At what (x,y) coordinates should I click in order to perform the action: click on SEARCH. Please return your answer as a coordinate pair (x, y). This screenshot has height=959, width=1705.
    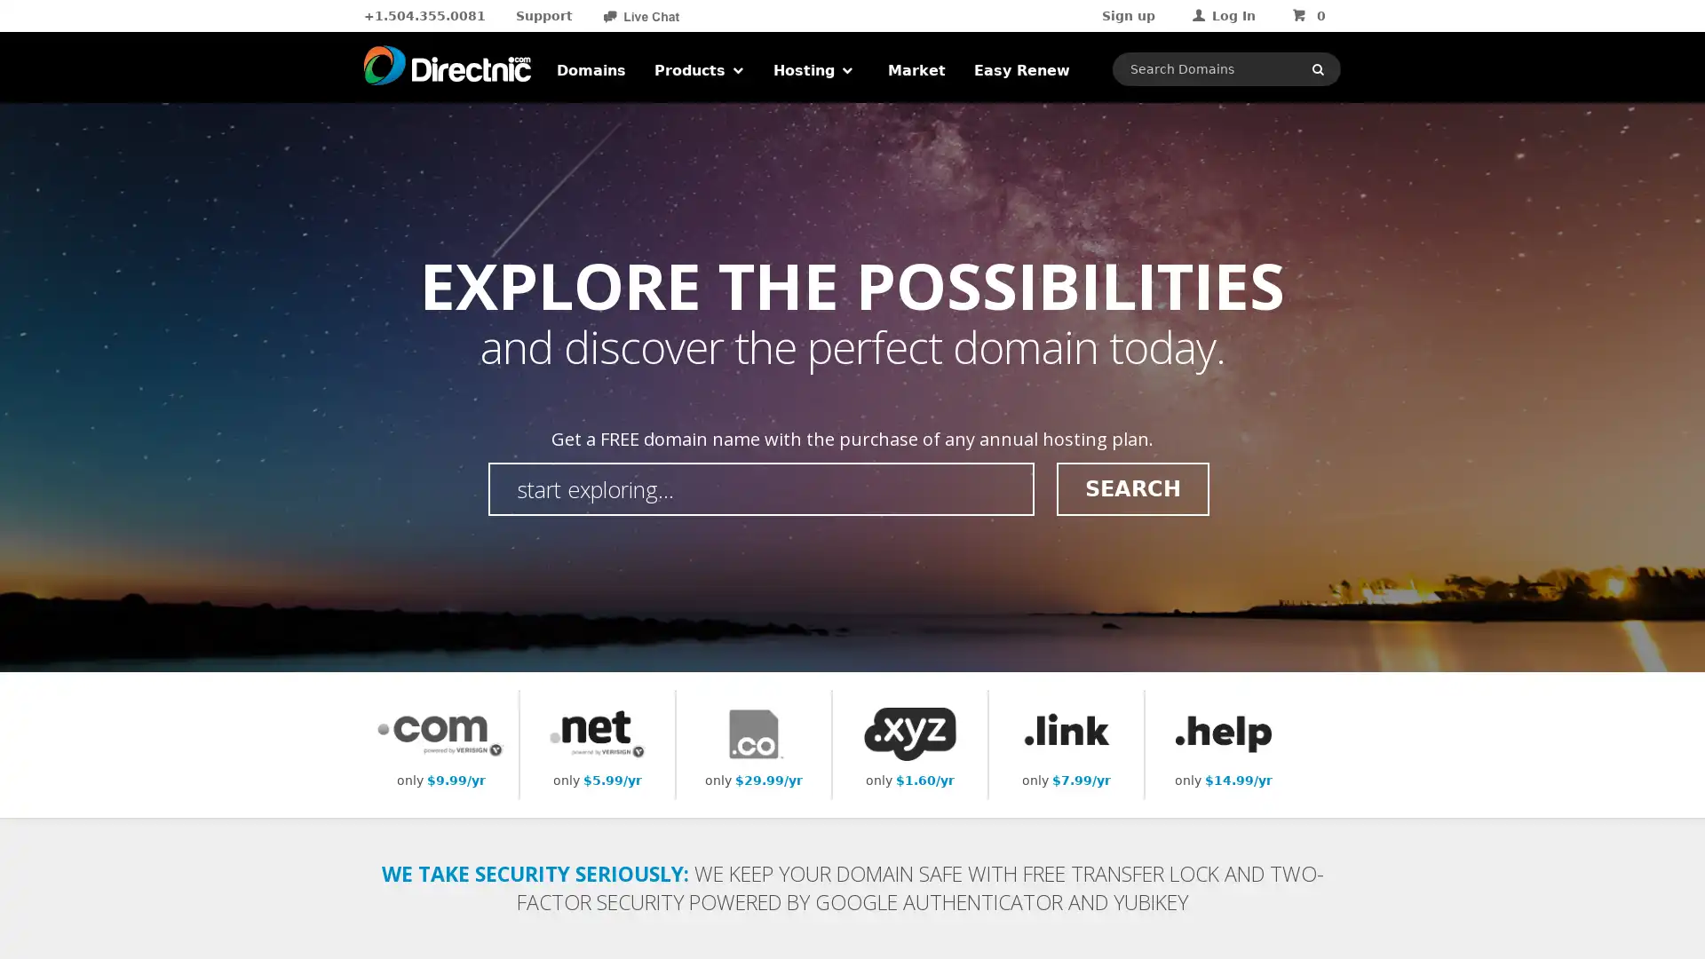
    Looking at the image, I should click on (1131, 488).